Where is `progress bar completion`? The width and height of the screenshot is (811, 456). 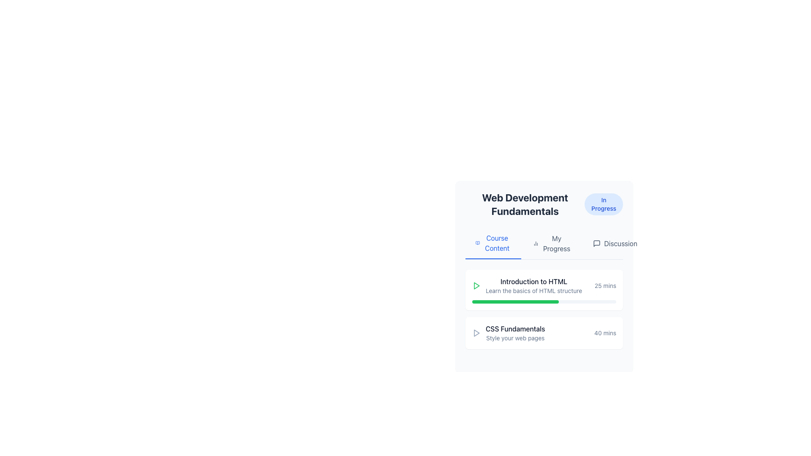
progress bar completion is located at coordinates (610, 301).